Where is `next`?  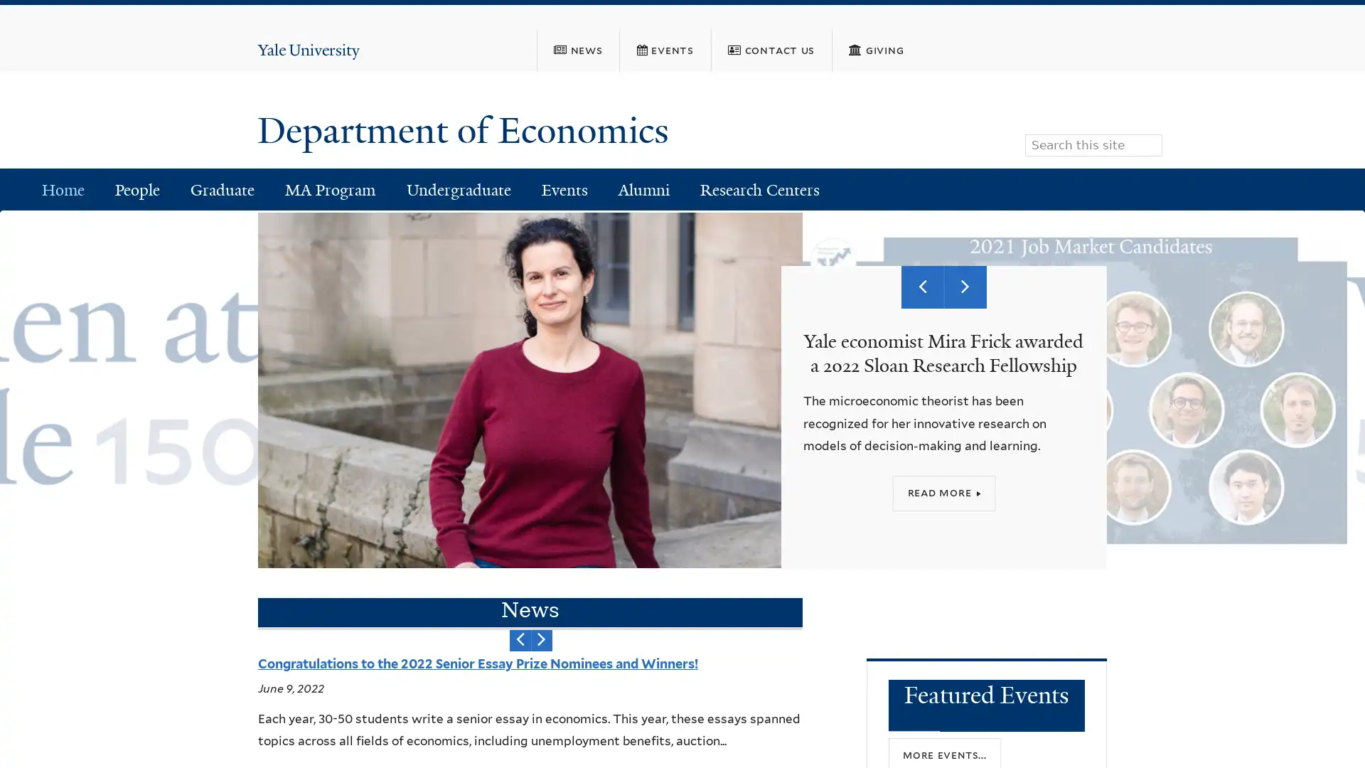
next is located at coordinates (540, 639).